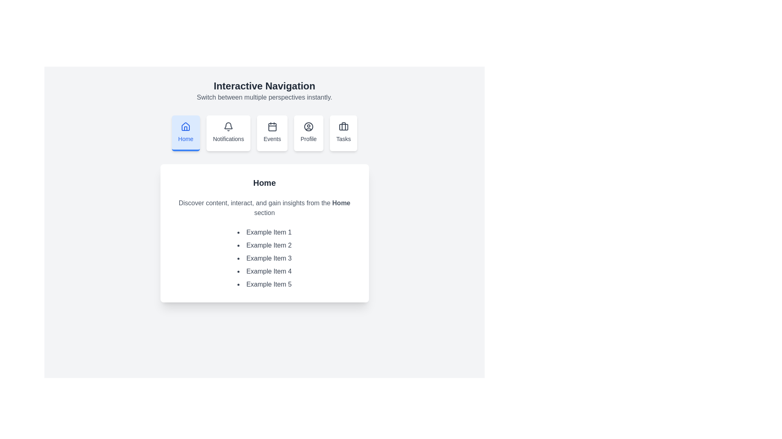 The height and width of the screenshot is (439, 782). I want to click on the text label that serves as a navigation item identifier, located beneath the house icon in the horizontal navigation bar on the left side of the interface, so click(185, 139).